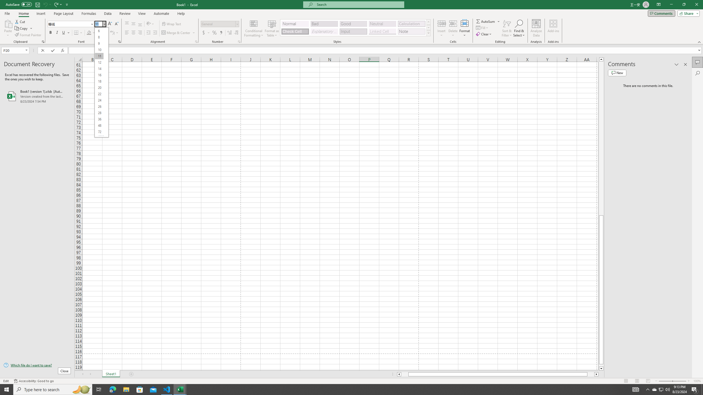  What do you see at coordinates (110, 24) in the screenshot?
I see `'Increase Font Size'` at bounding box center [110, 24].